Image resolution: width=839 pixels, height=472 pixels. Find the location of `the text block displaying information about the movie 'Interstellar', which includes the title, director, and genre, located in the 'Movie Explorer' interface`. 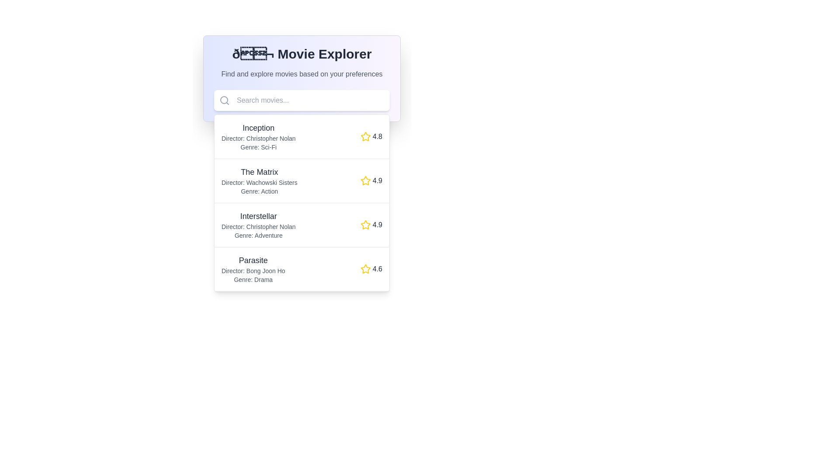

the text block displaying information about the movie 'Interstellar', which includes the title, director, and genre, located in the 'Movie Explorer' interface is located at coordinates (258, 225).